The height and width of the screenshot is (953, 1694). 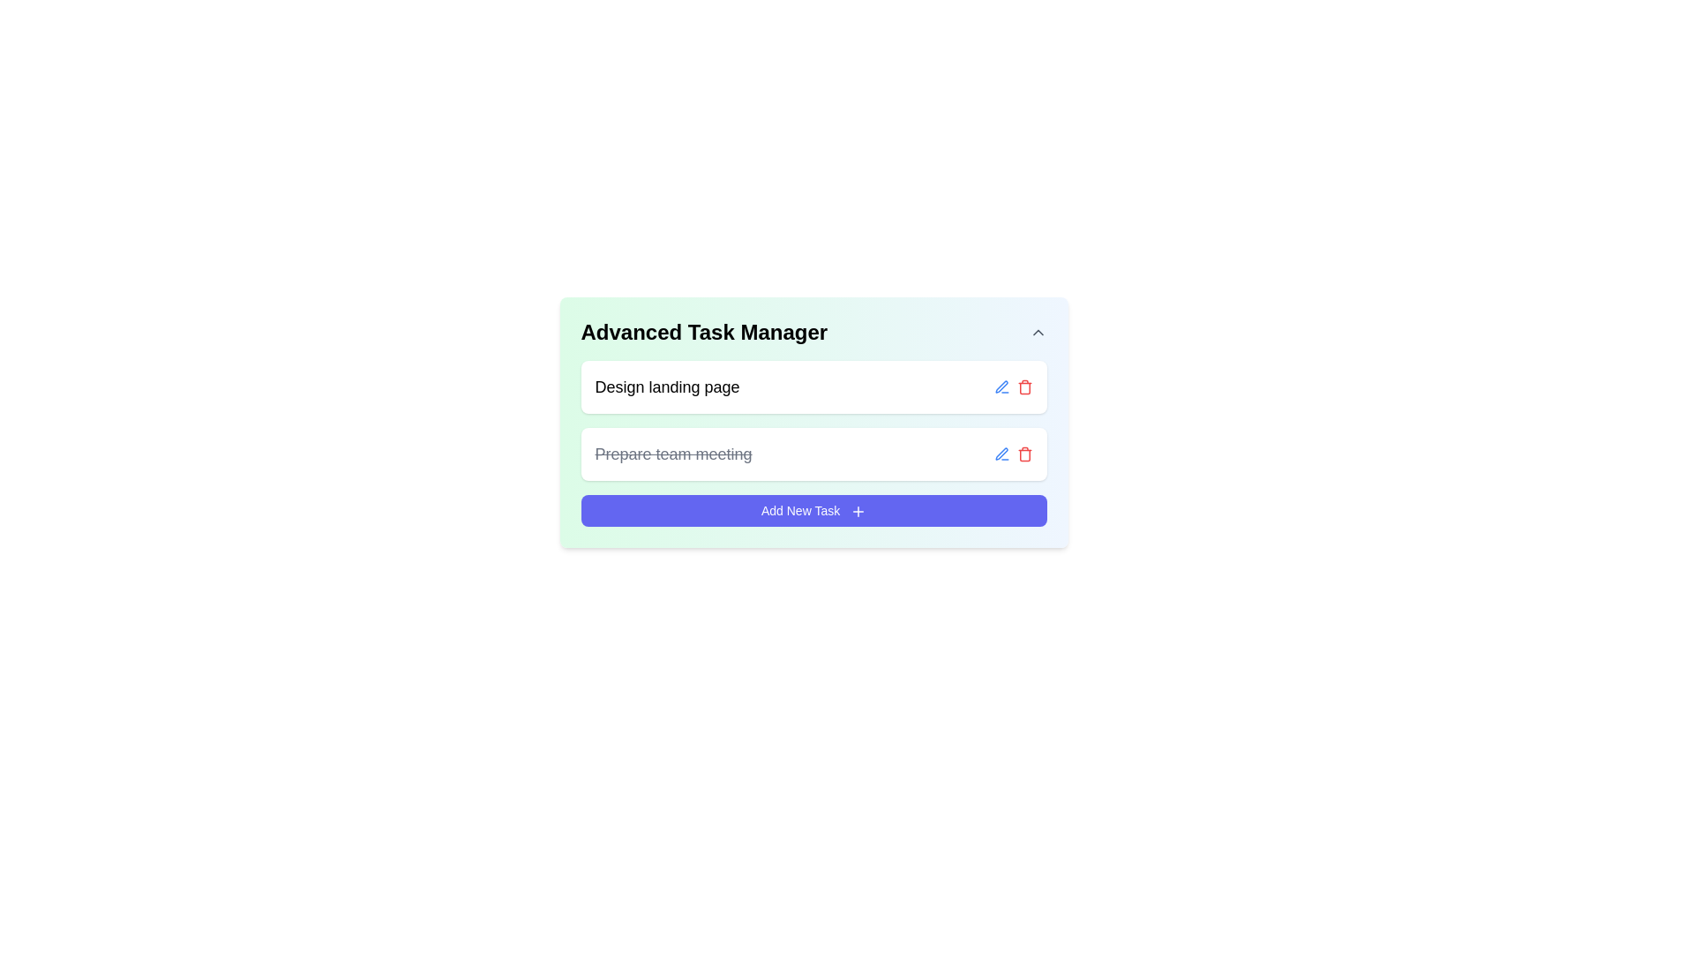 What do you see at coordinates (813, 454) in the screenshot?
I see `the completed task entry 'Prepare team meeting' in the to-do list for more options` at bounding box center [813, 454].